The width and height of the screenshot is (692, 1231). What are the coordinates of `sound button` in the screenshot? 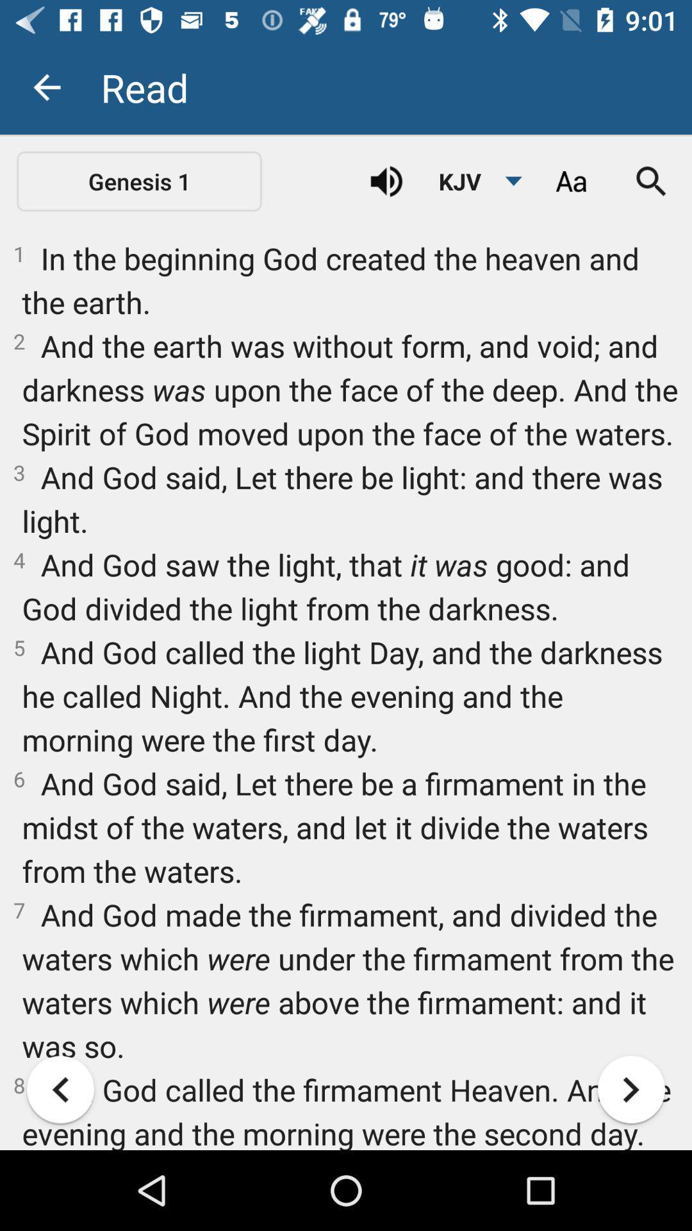 It's located at (386, 181).